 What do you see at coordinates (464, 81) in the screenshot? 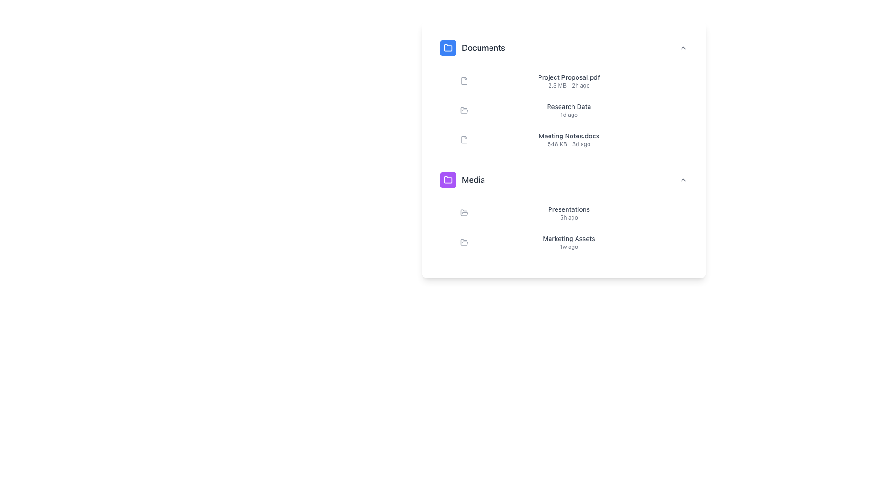
I see `the non-interactive icon representing the file 'Project Proposal.pdf' in the Documents category, located at the left of the text description` at bounding box center [464, 81].